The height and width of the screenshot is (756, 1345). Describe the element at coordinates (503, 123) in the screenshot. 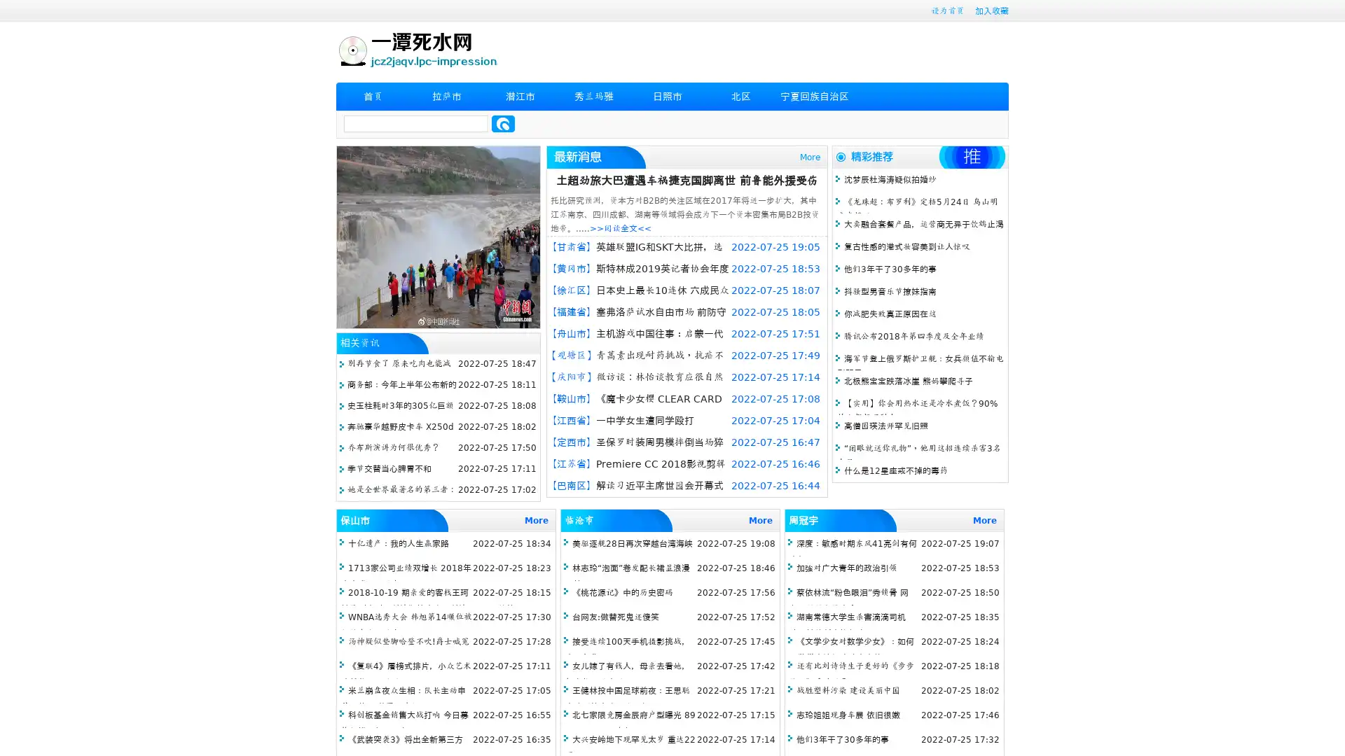

I see `Search` at that location.